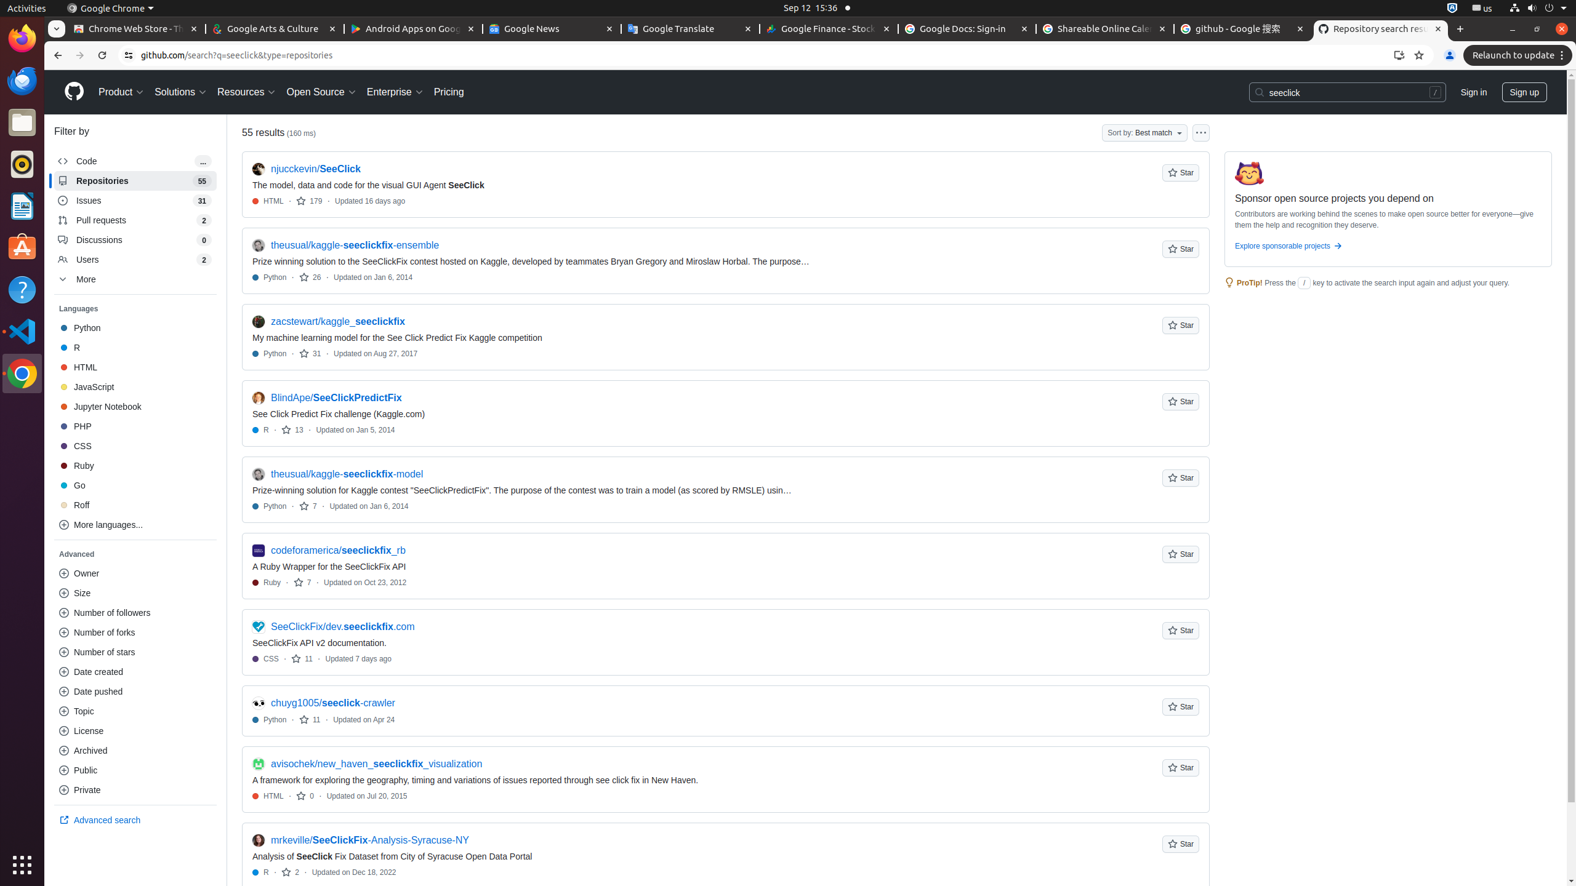 This screenshot has width=1576, height=886. What do you see at coordinates (135, 279) in the screenshot?
I see `'More'` at bounding box center [135, 279].